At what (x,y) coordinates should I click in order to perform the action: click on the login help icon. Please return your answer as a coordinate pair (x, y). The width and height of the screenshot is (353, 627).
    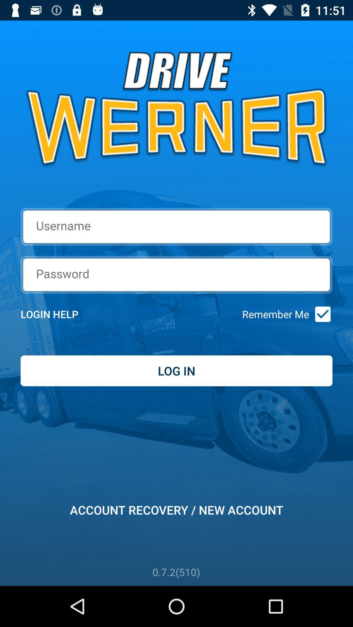
    Looking at the image, I should click on (58, 314).